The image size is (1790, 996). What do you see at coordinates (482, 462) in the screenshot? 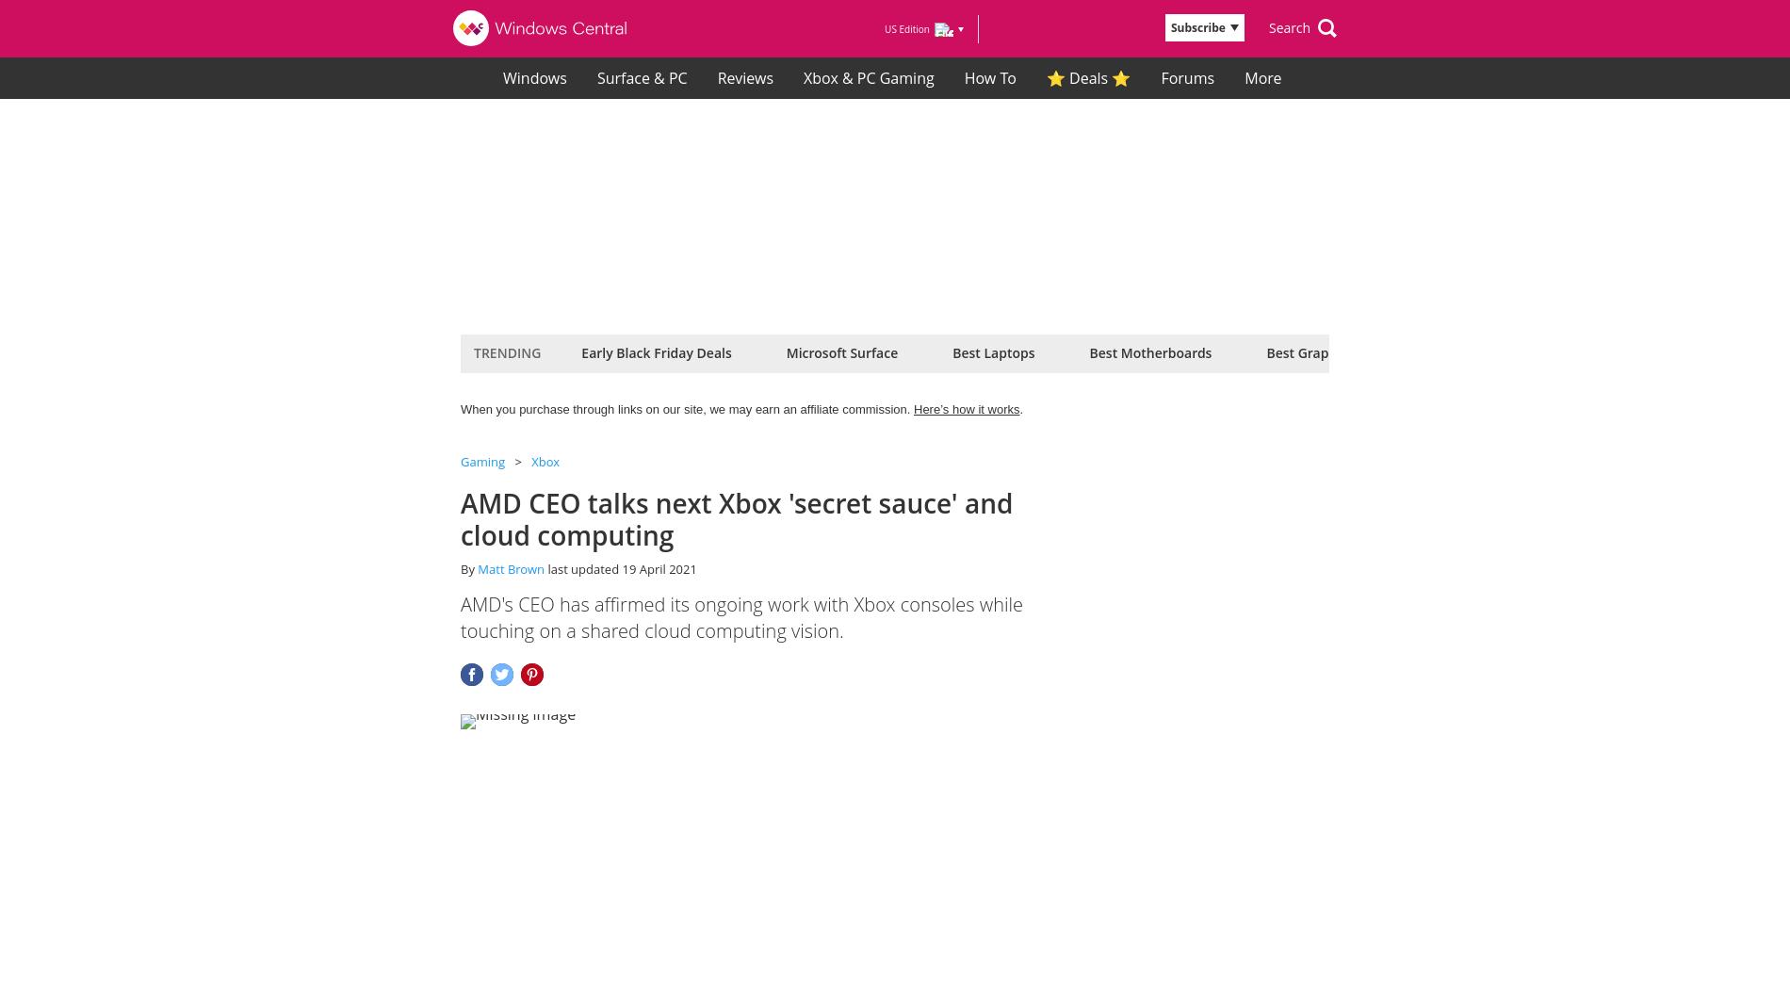
I see `'Gaming'` at bounding box center [482, 462].